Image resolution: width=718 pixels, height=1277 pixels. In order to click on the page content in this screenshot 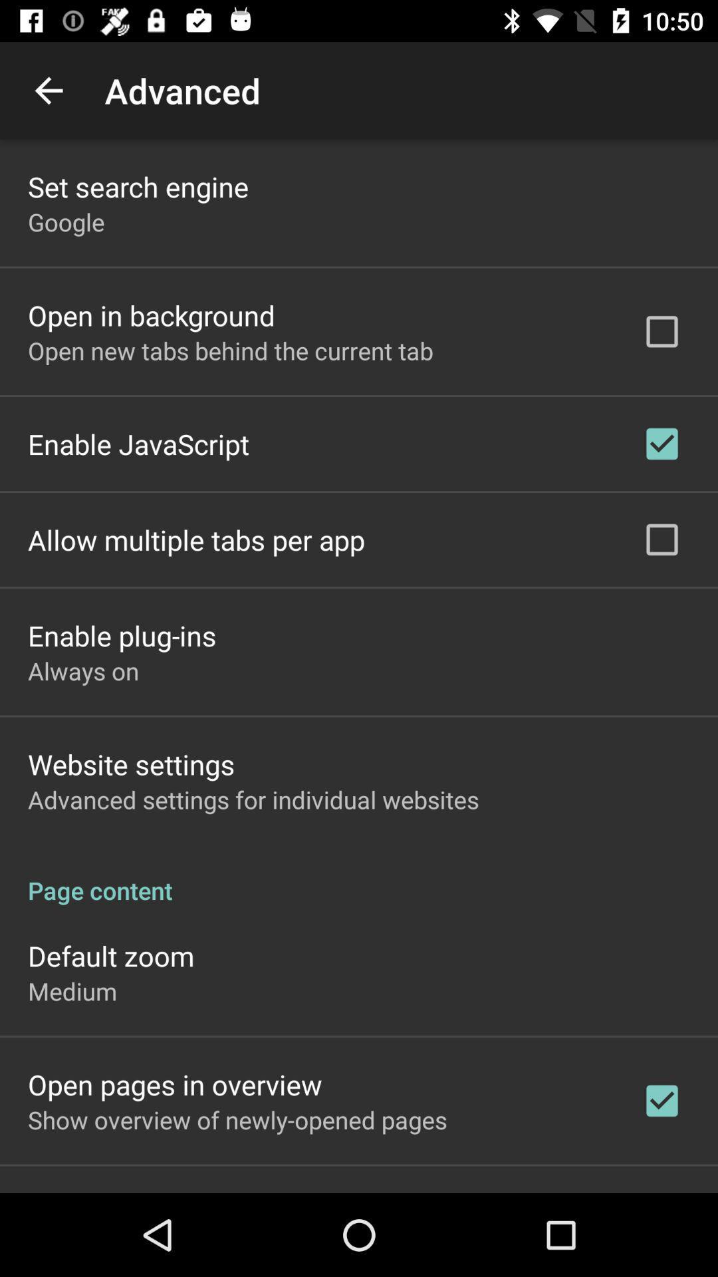, I will do `click(359, 876)`.